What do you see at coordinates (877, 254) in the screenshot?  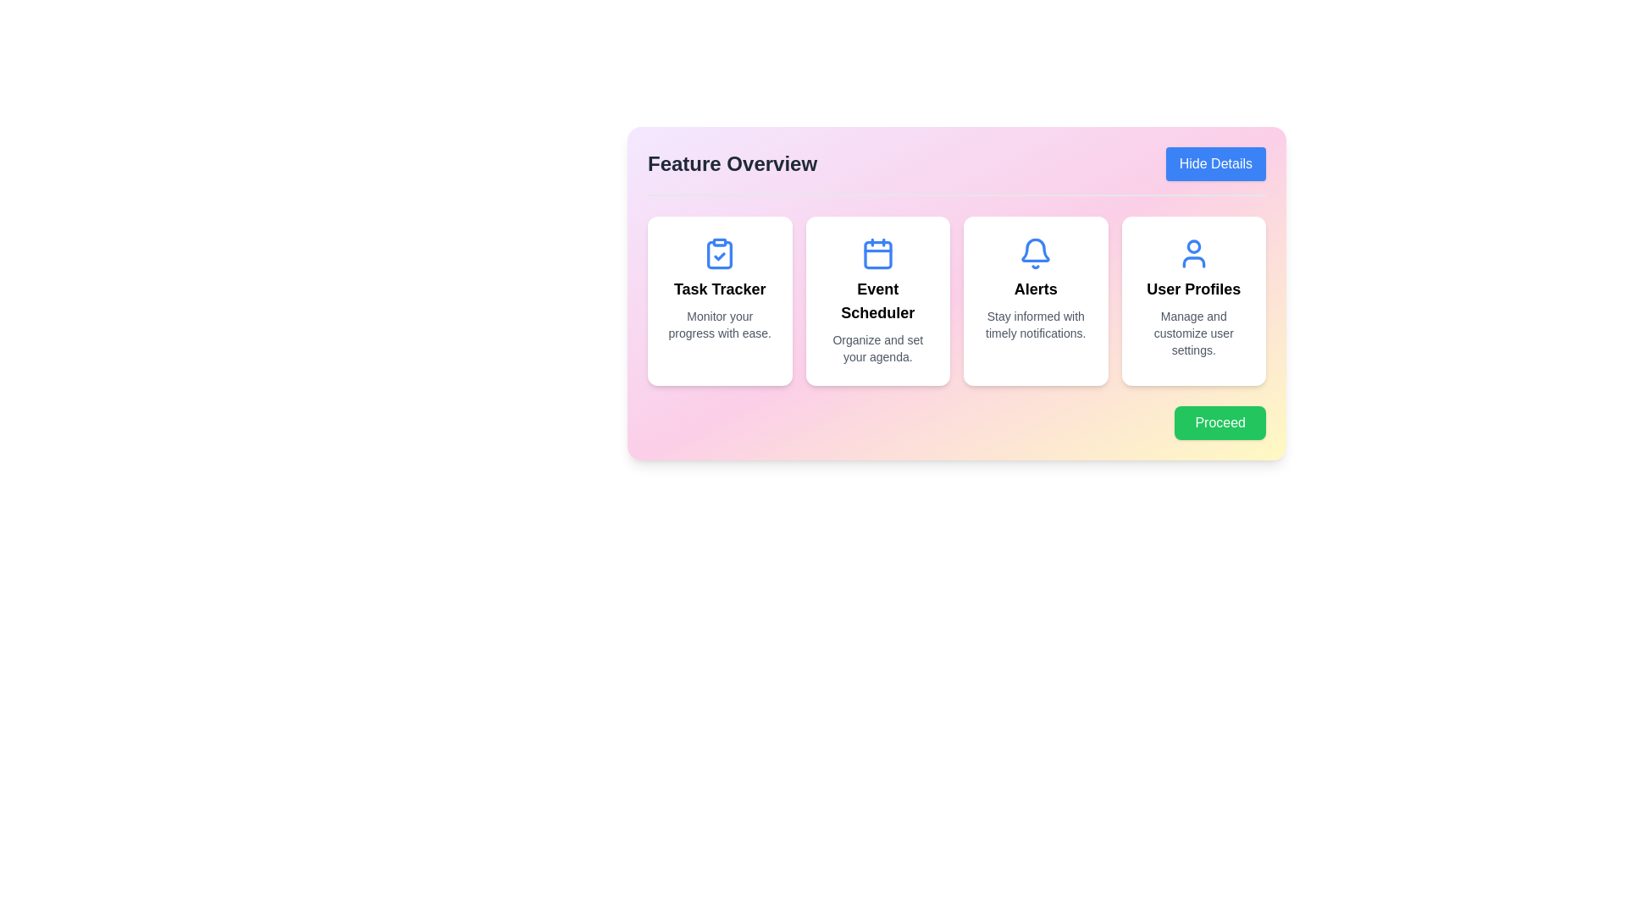 I see `the calendar icon which is centered within the 'Event Scheduler' card, positioned above the text 'Event Scheduler' and 'Organize and set your agenda.'` at bounding box center [877, 254].